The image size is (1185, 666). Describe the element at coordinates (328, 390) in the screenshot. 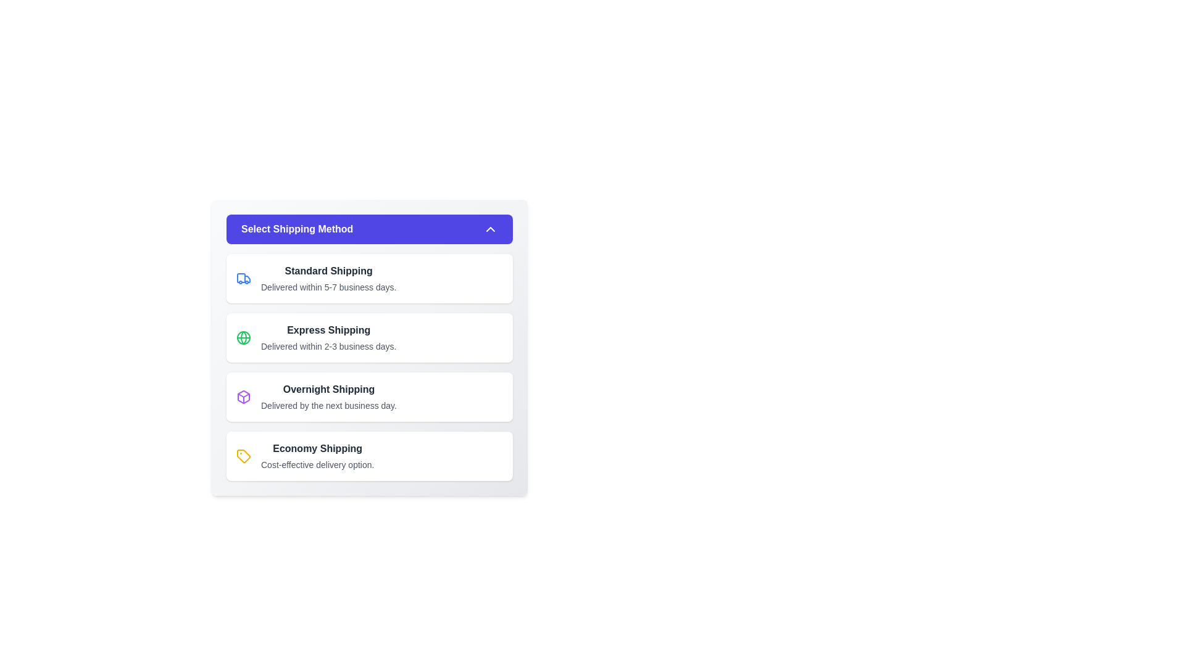

I see `the 'Overnight Shipping' text label, which is bold and dark gray, located in a rectangular clickable area as the third option in a list of shipping methods` at that location.